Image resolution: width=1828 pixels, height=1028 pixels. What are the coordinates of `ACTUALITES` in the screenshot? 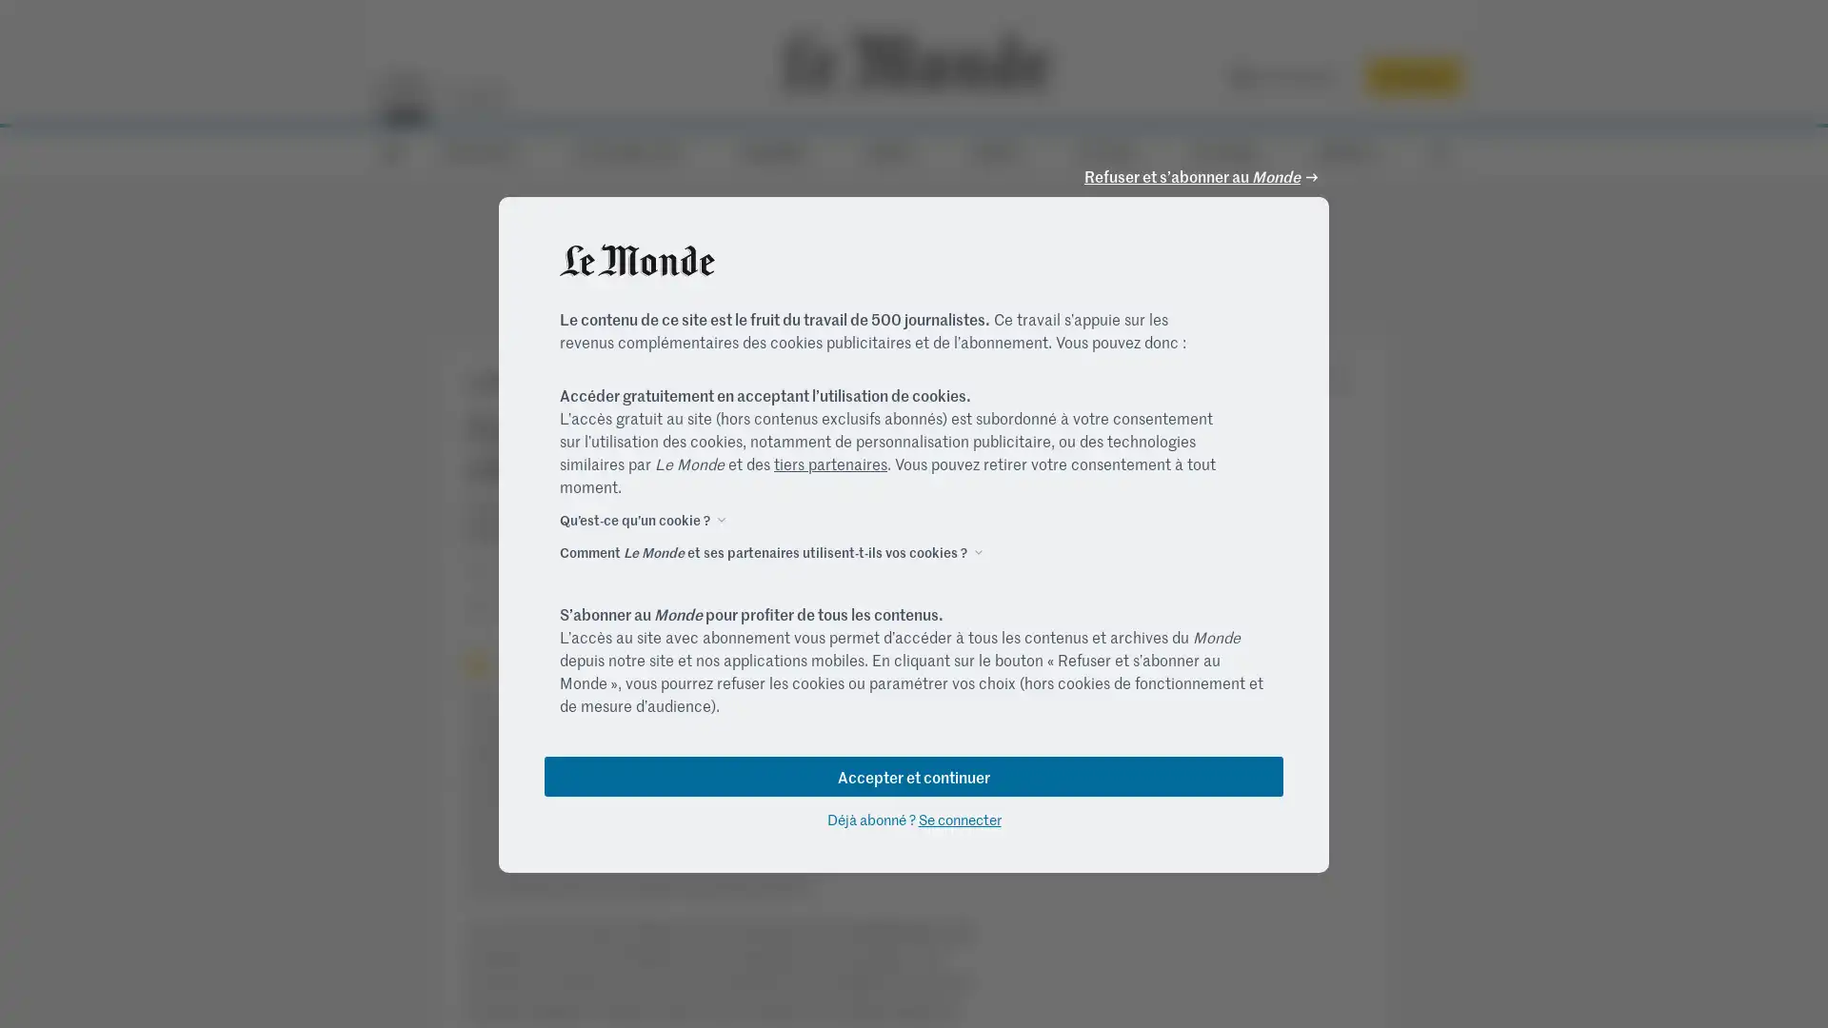 It's located at (487, 150).